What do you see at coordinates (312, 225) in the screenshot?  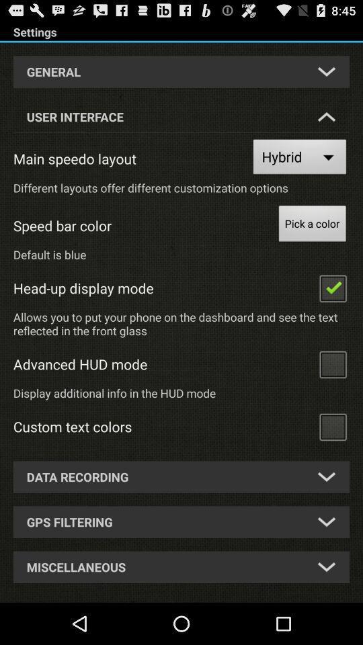 I see `the pick a color item` at bounding box center [312, 225].